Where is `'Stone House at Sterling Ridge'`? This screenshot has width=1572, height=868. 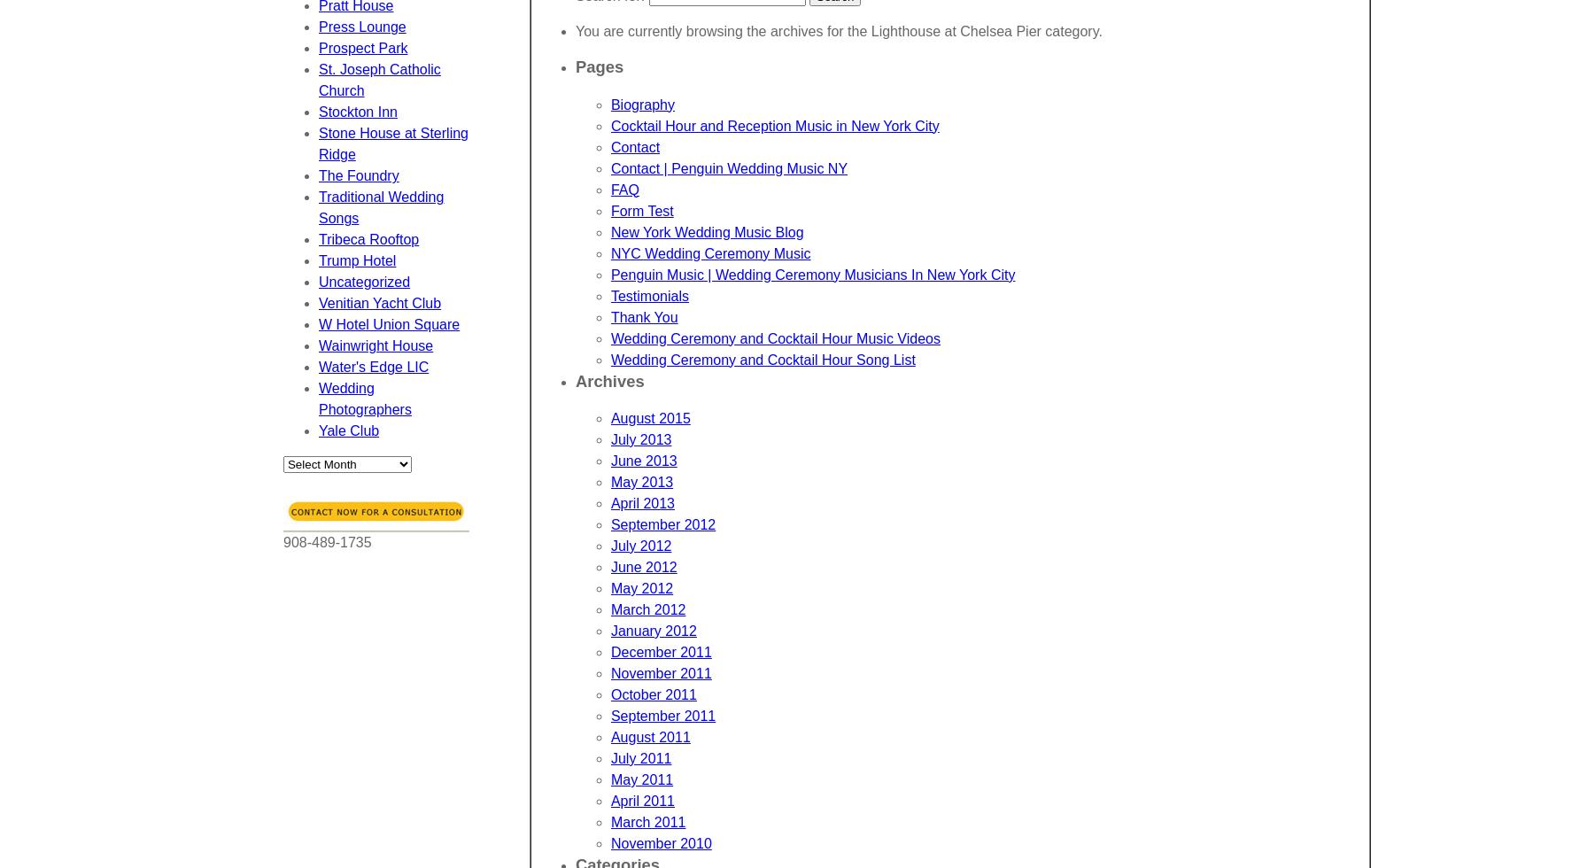 'Stone House at Sterling Ridge' is located at coordinates (392, 143).